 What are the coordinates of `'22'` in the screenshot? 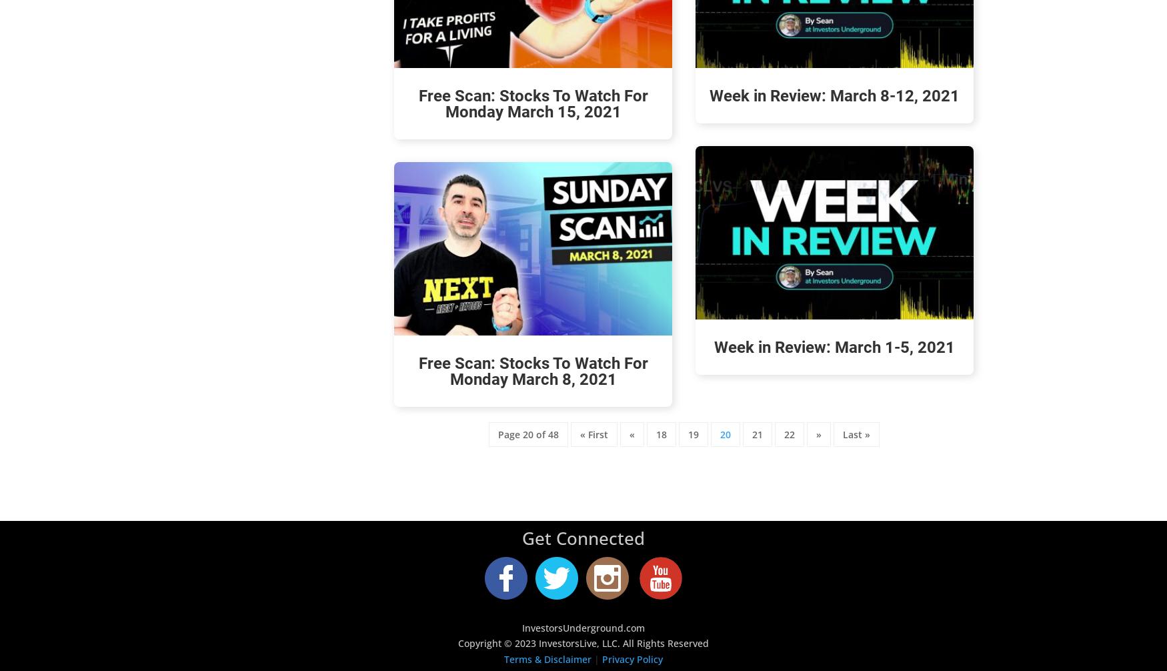 It's located at (788, 434).